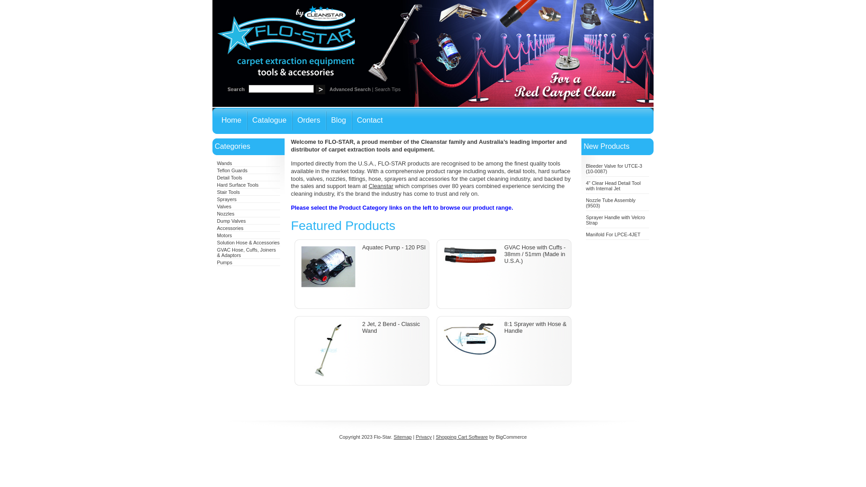  Describe the element at coordinates (246, 252) in the screenshot. I see `'GVAC Hose, Cuffs, Joiners & Adaptors'` at that location.